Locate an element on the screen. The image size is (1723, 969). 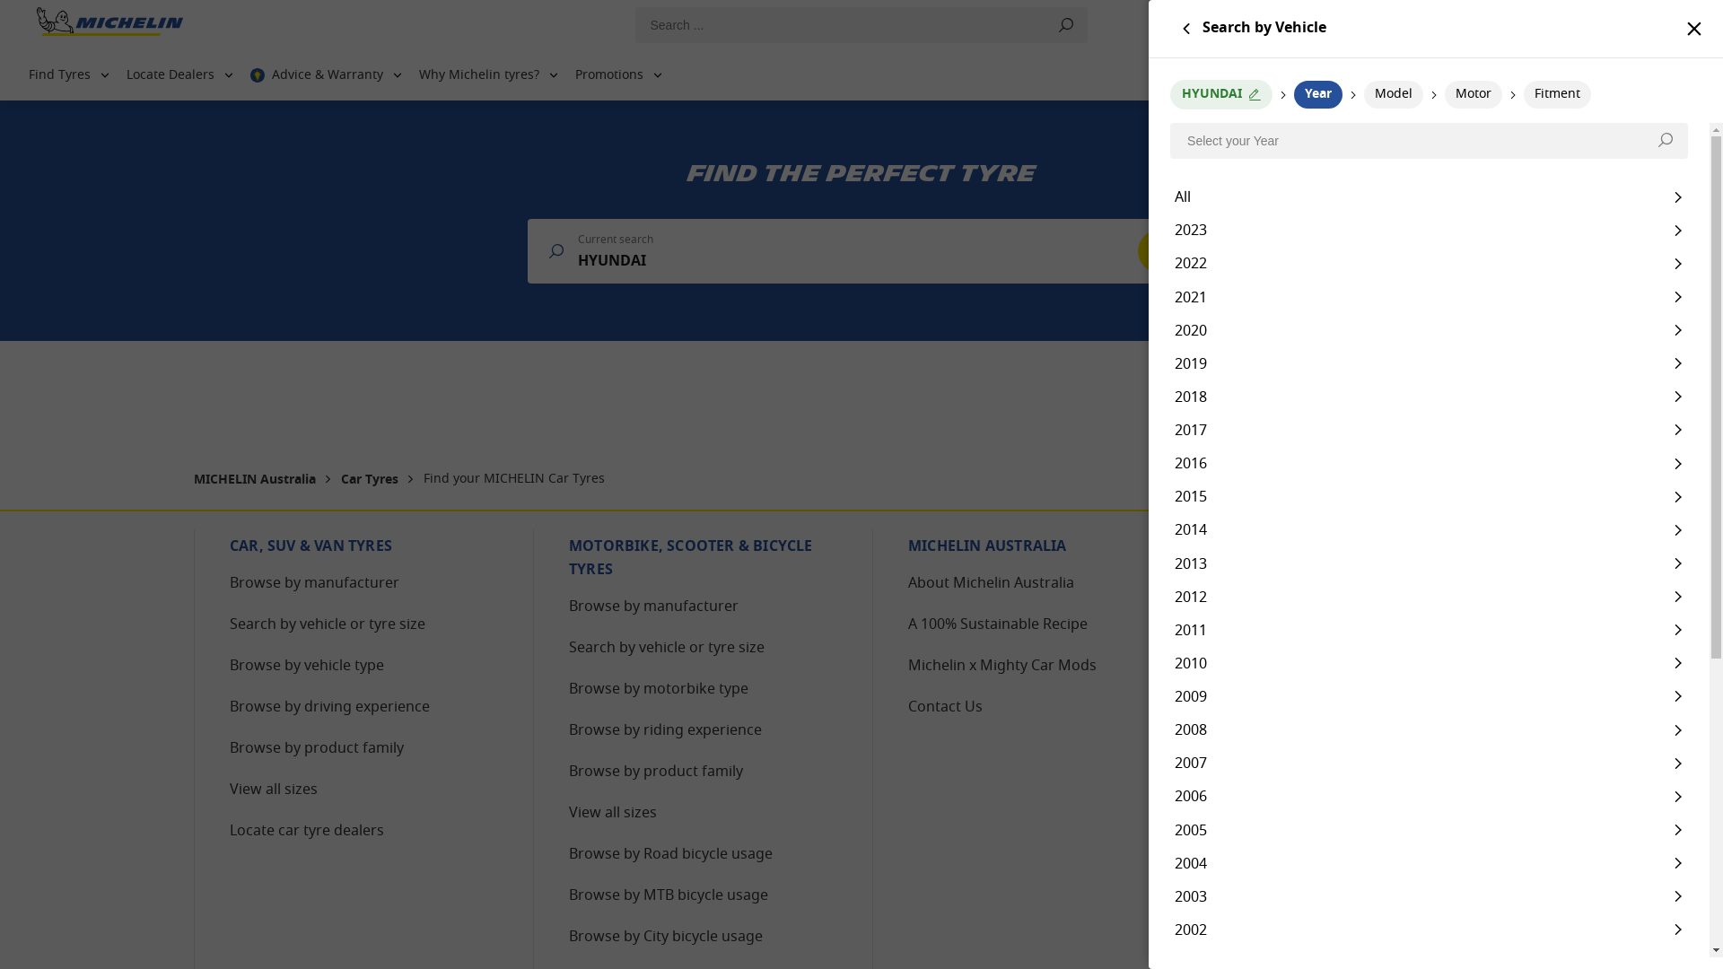
'2021' is located at coordinates (1428, 295).